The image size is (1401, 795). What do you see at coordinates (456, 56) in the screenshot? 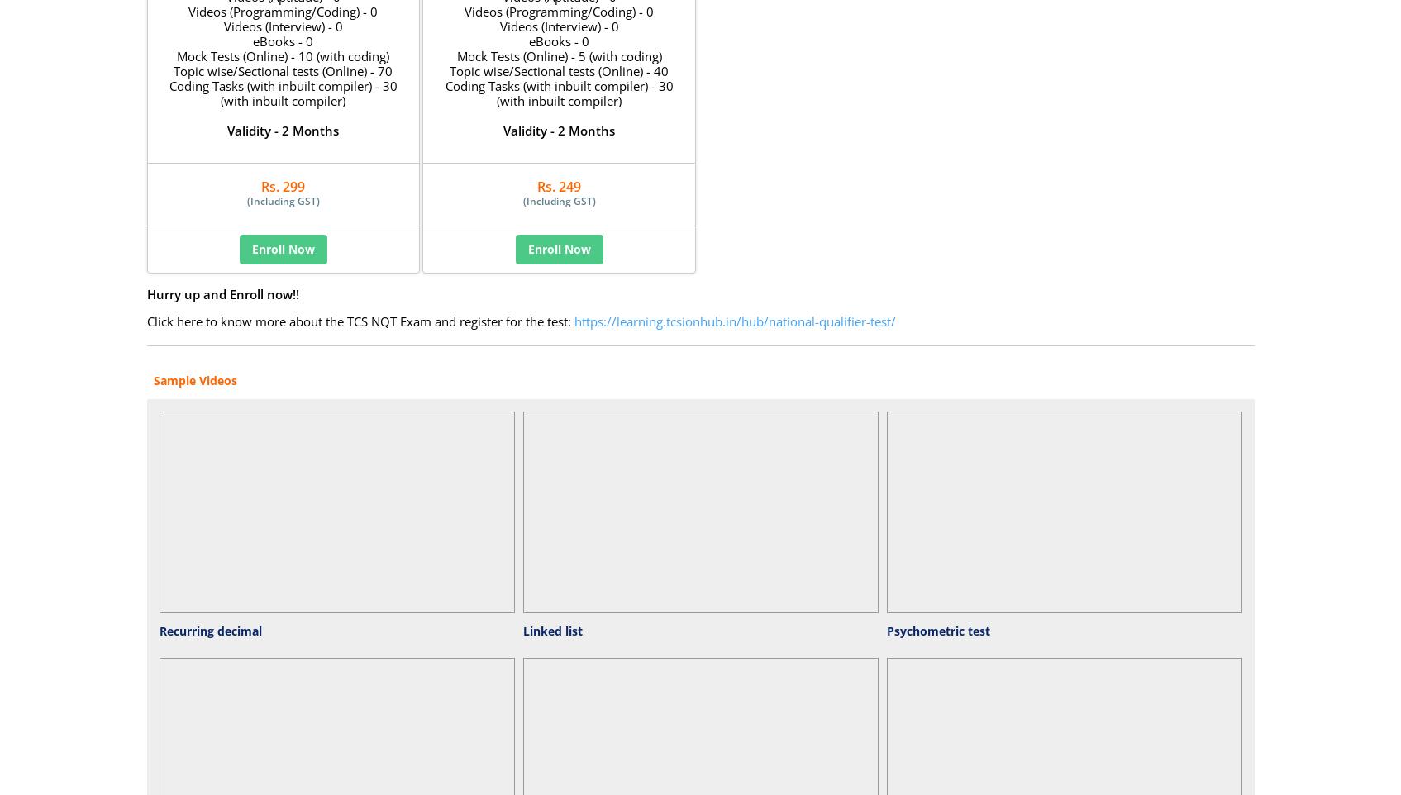
I see `'Mock Tests (Online) - 5 (with coding)'` at bounding box center [456, 56].